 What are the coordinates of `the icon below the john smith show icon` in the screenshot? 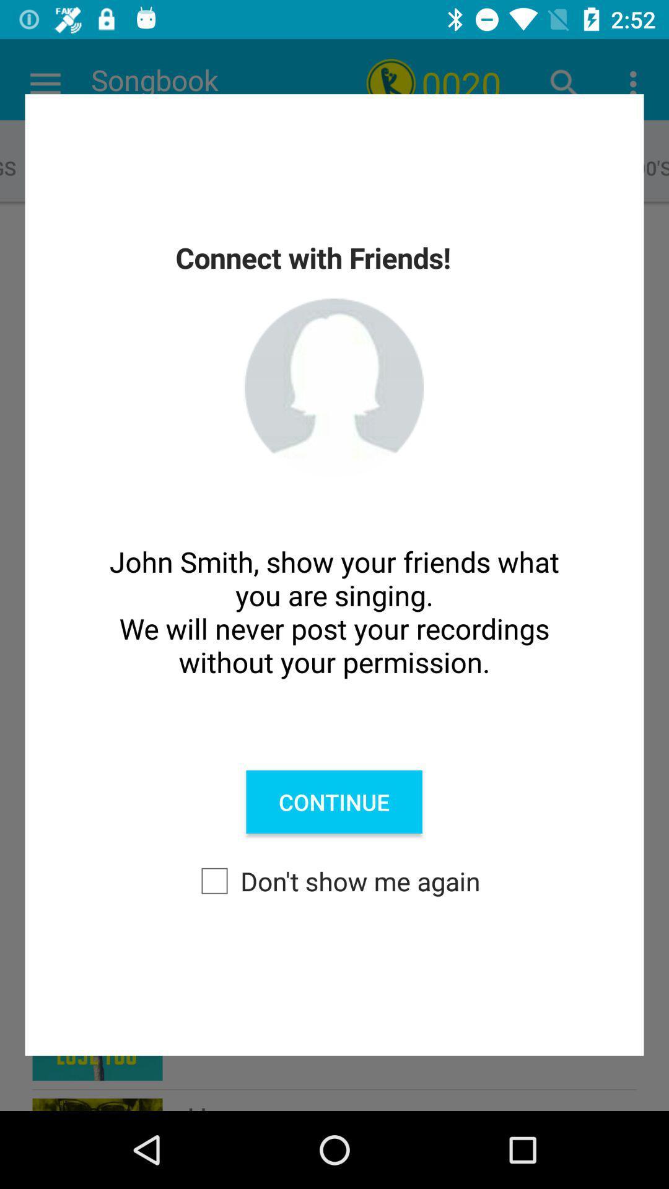 It's located at (333, 802).